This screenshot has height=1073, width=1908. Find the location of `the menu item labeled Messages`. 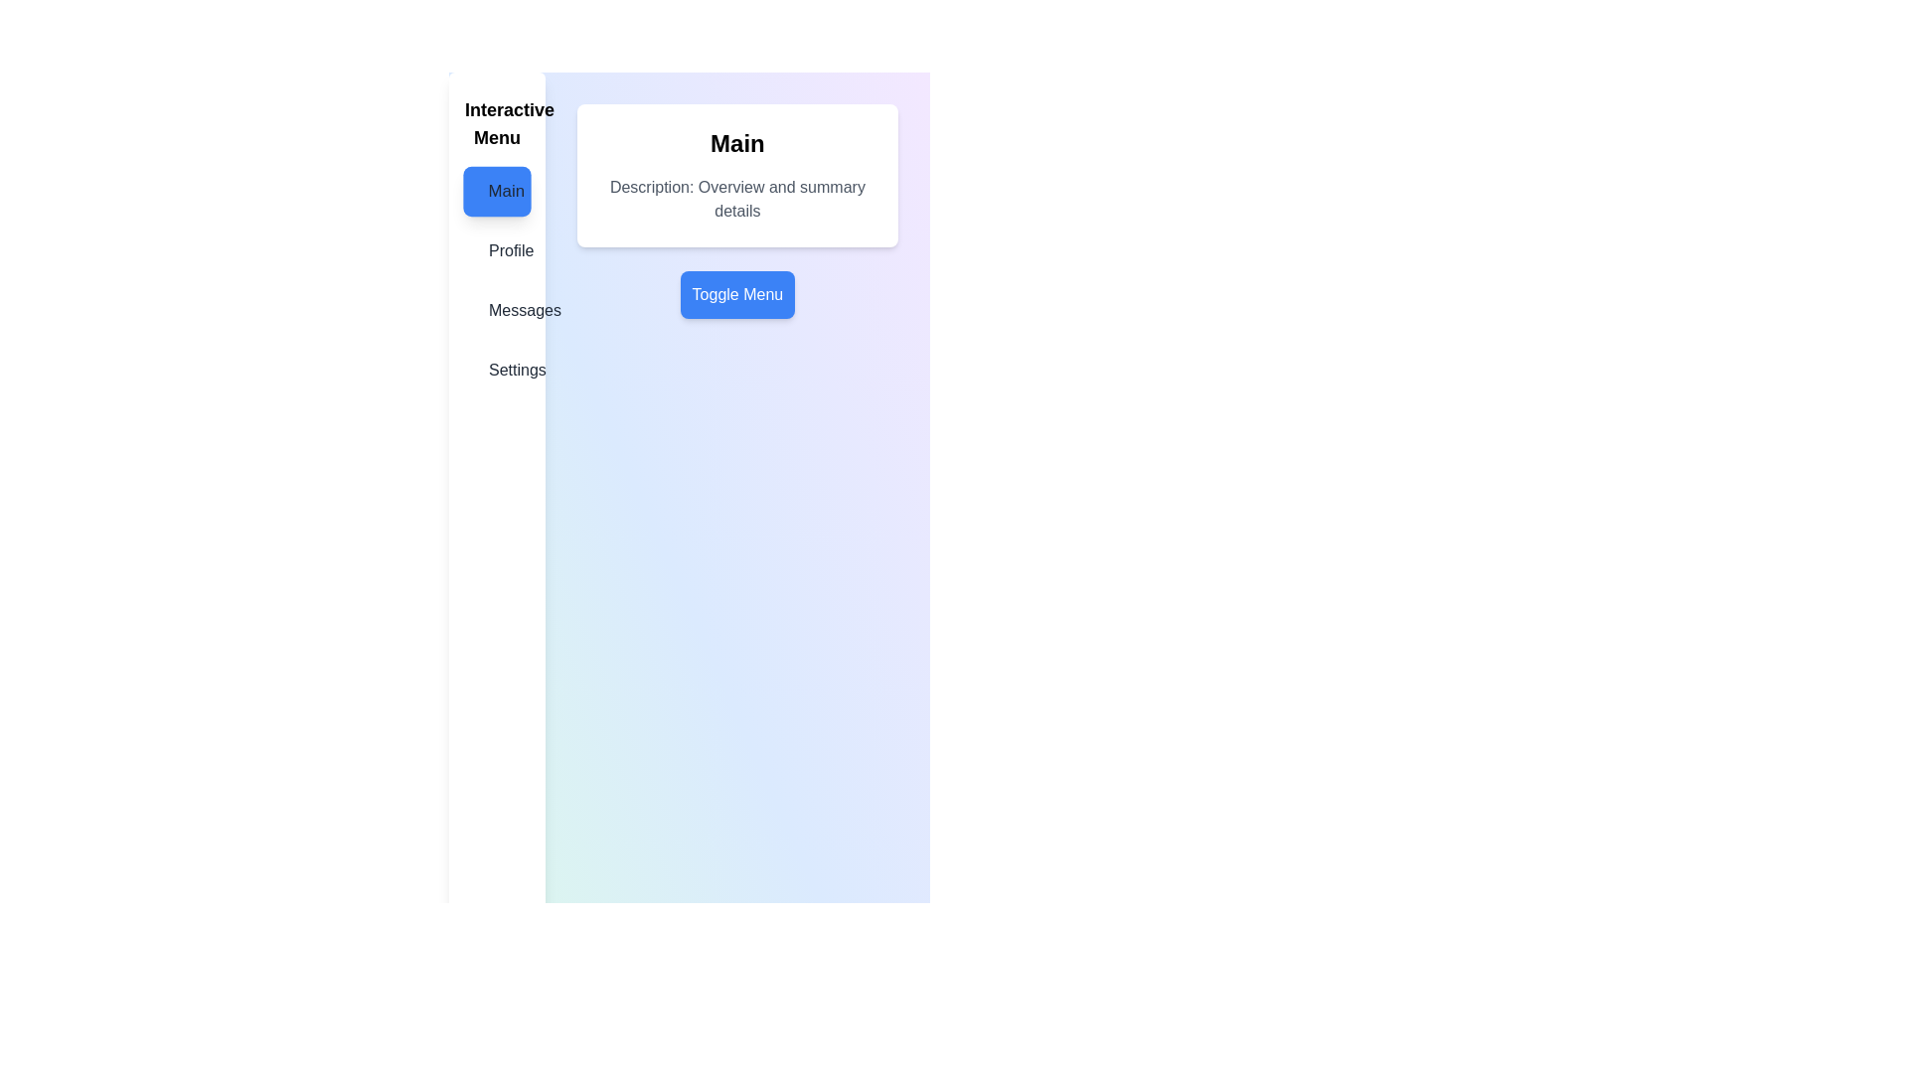

the menu item labeled Messages is located at coordinates (496, 310).